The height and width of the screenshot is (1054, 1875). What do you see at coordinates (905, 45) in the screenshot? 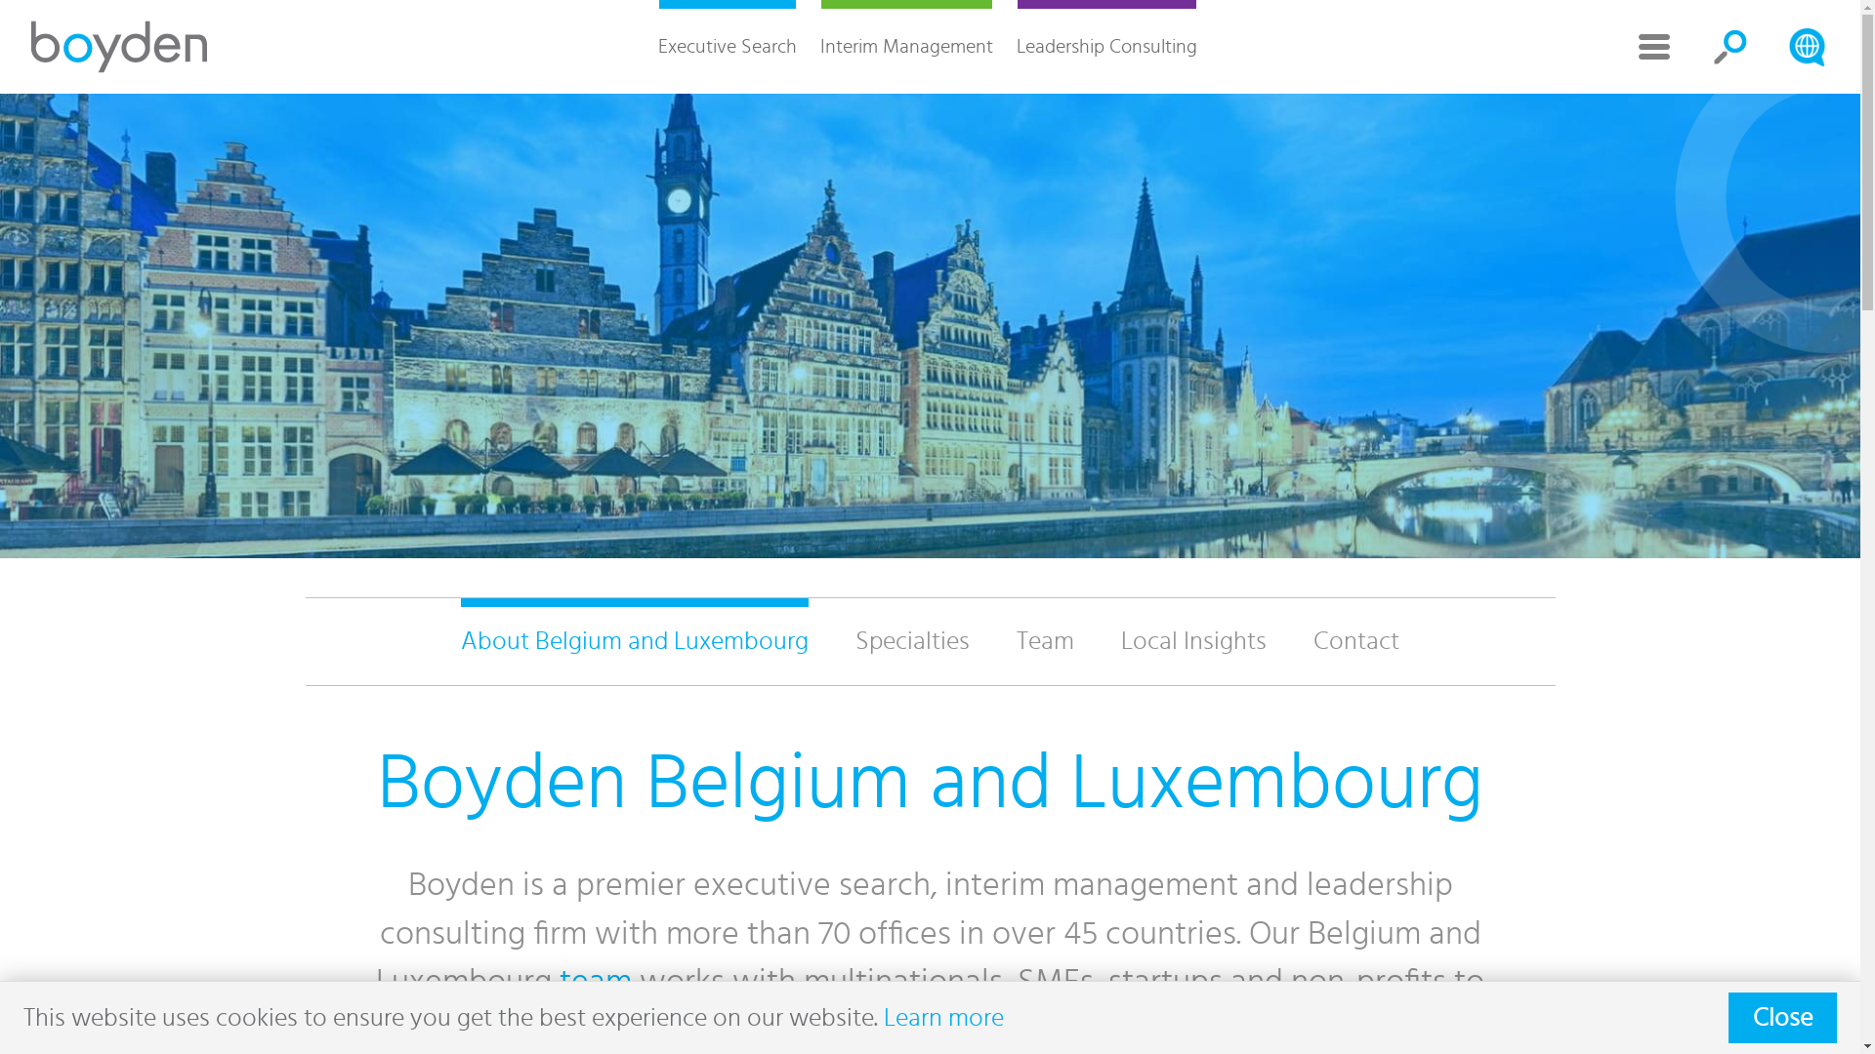
I see `'Interim Management'` at bounding box center [905, 45].